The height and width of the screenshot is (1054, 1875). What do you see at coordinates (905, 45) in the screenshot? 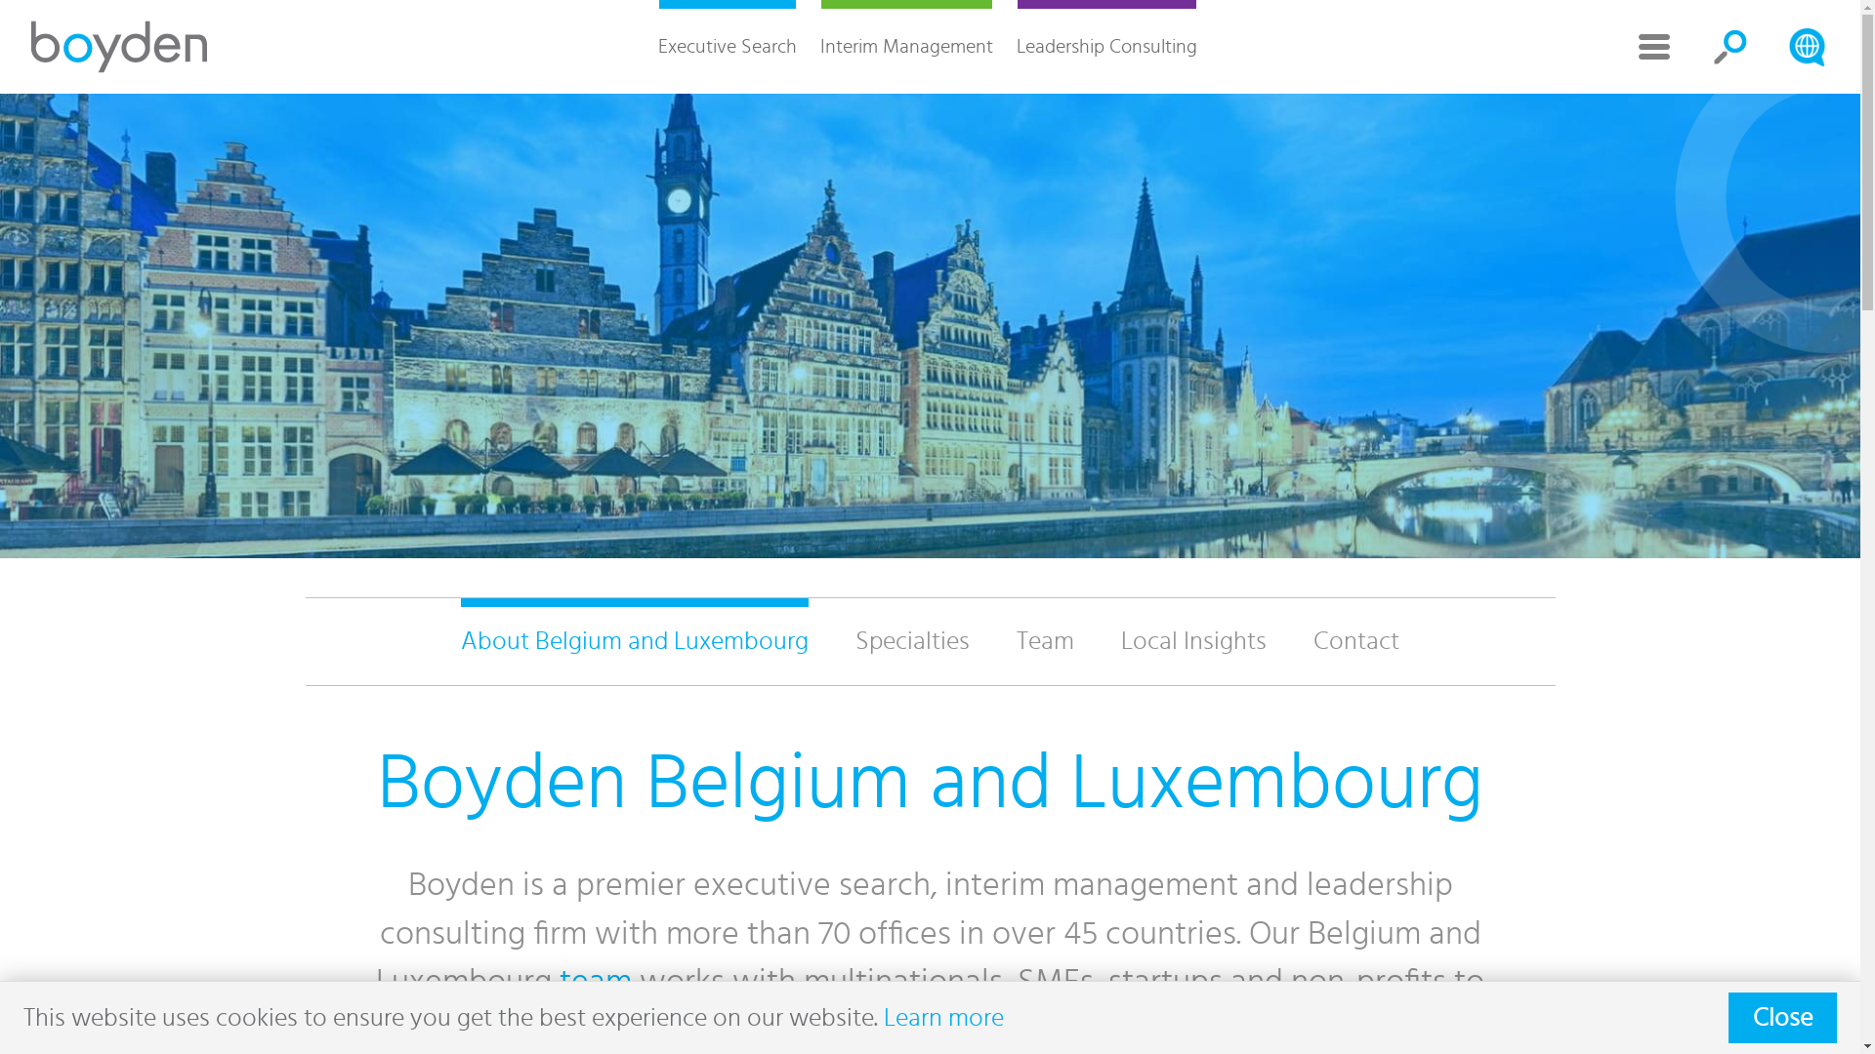
I see `'Interim Management'` at bounding box center [905, 45].